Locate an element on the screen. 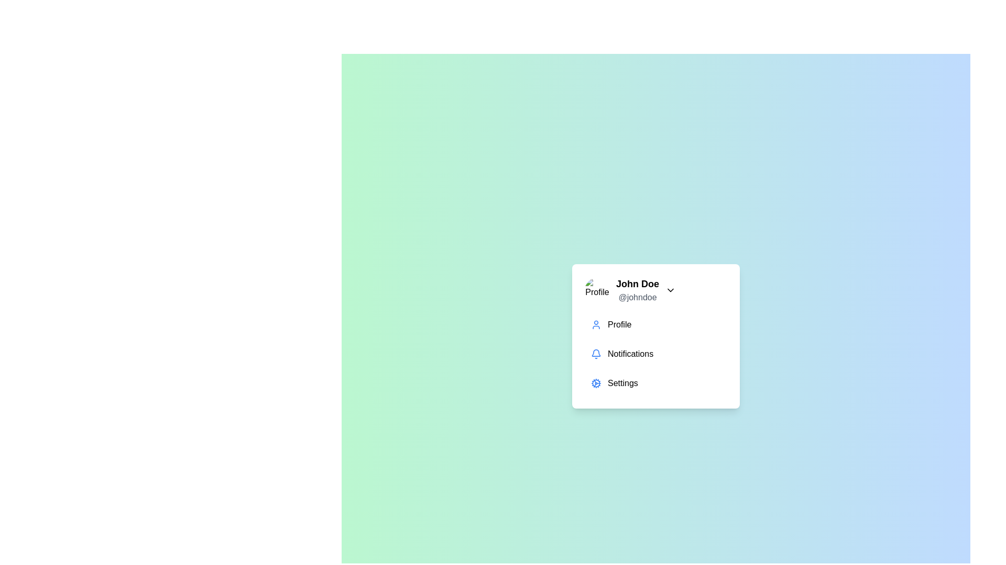 This screenshot has width=1006, height=565. the menu item Settings from the dropdown is located at coordinates (655, 383).